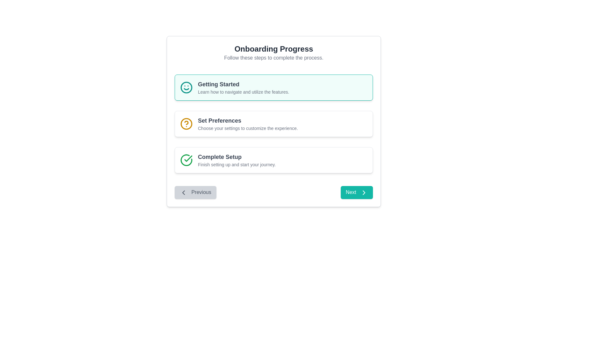 The height and width of the screenshot is (344, 612). What do you see at coordinates (243, 92) in the screenshot?
I see `supplementary descriptive text element located below the 'Getting Started' header in the onboarding interface, which guides users on initial actions` at bounding box center [243, 92].